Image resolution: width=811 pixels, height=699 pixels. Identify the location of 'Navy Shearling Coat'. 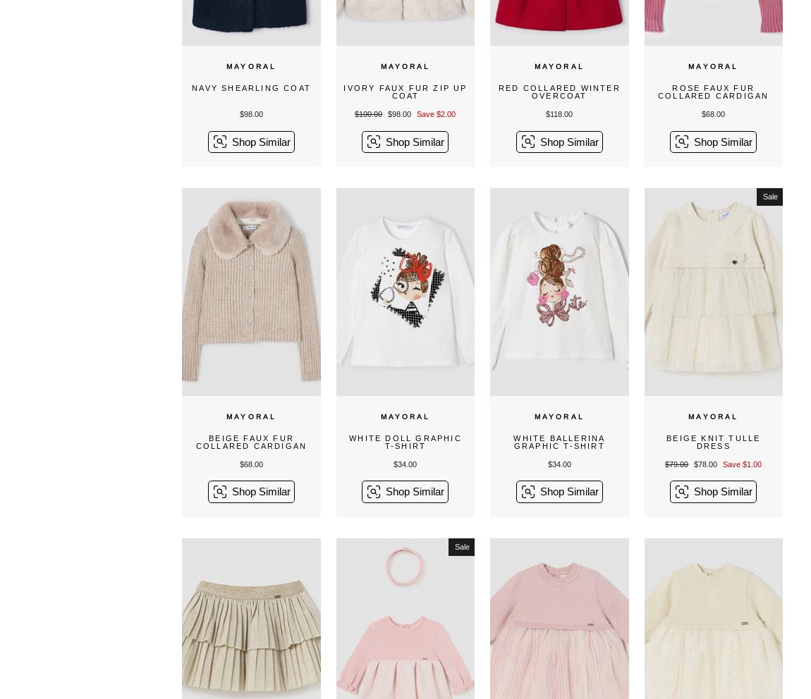
(251, 87).